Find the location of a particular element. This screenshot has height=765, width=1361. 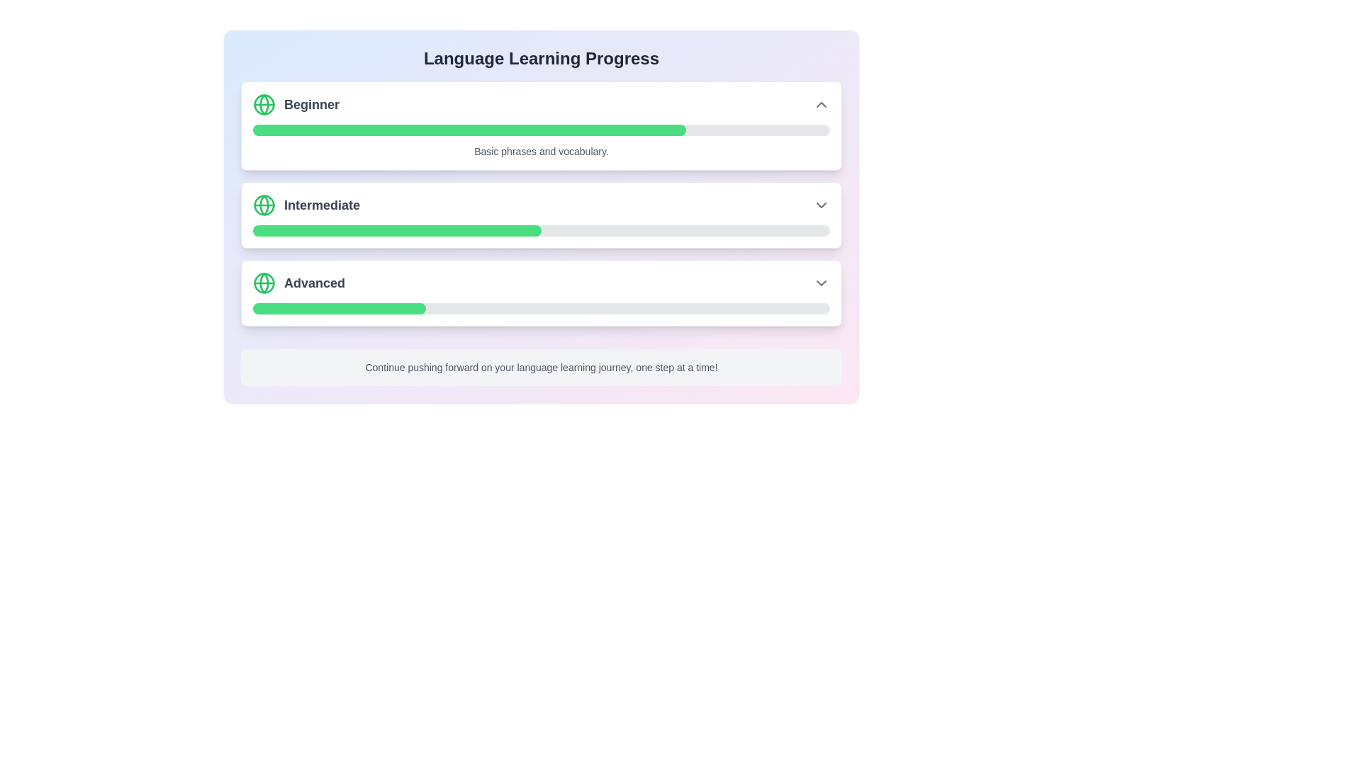

the 'Advanced' text label representing the highest level of language proficiency in the learning progression interface, located below the 'Intermediate' section is located at coordinates (298, 283).